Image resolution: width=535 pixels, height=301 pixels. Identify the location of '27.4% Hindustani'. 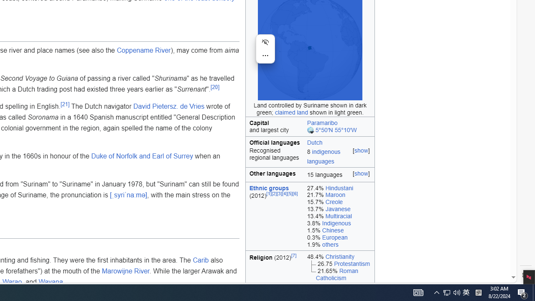
(339, 188).